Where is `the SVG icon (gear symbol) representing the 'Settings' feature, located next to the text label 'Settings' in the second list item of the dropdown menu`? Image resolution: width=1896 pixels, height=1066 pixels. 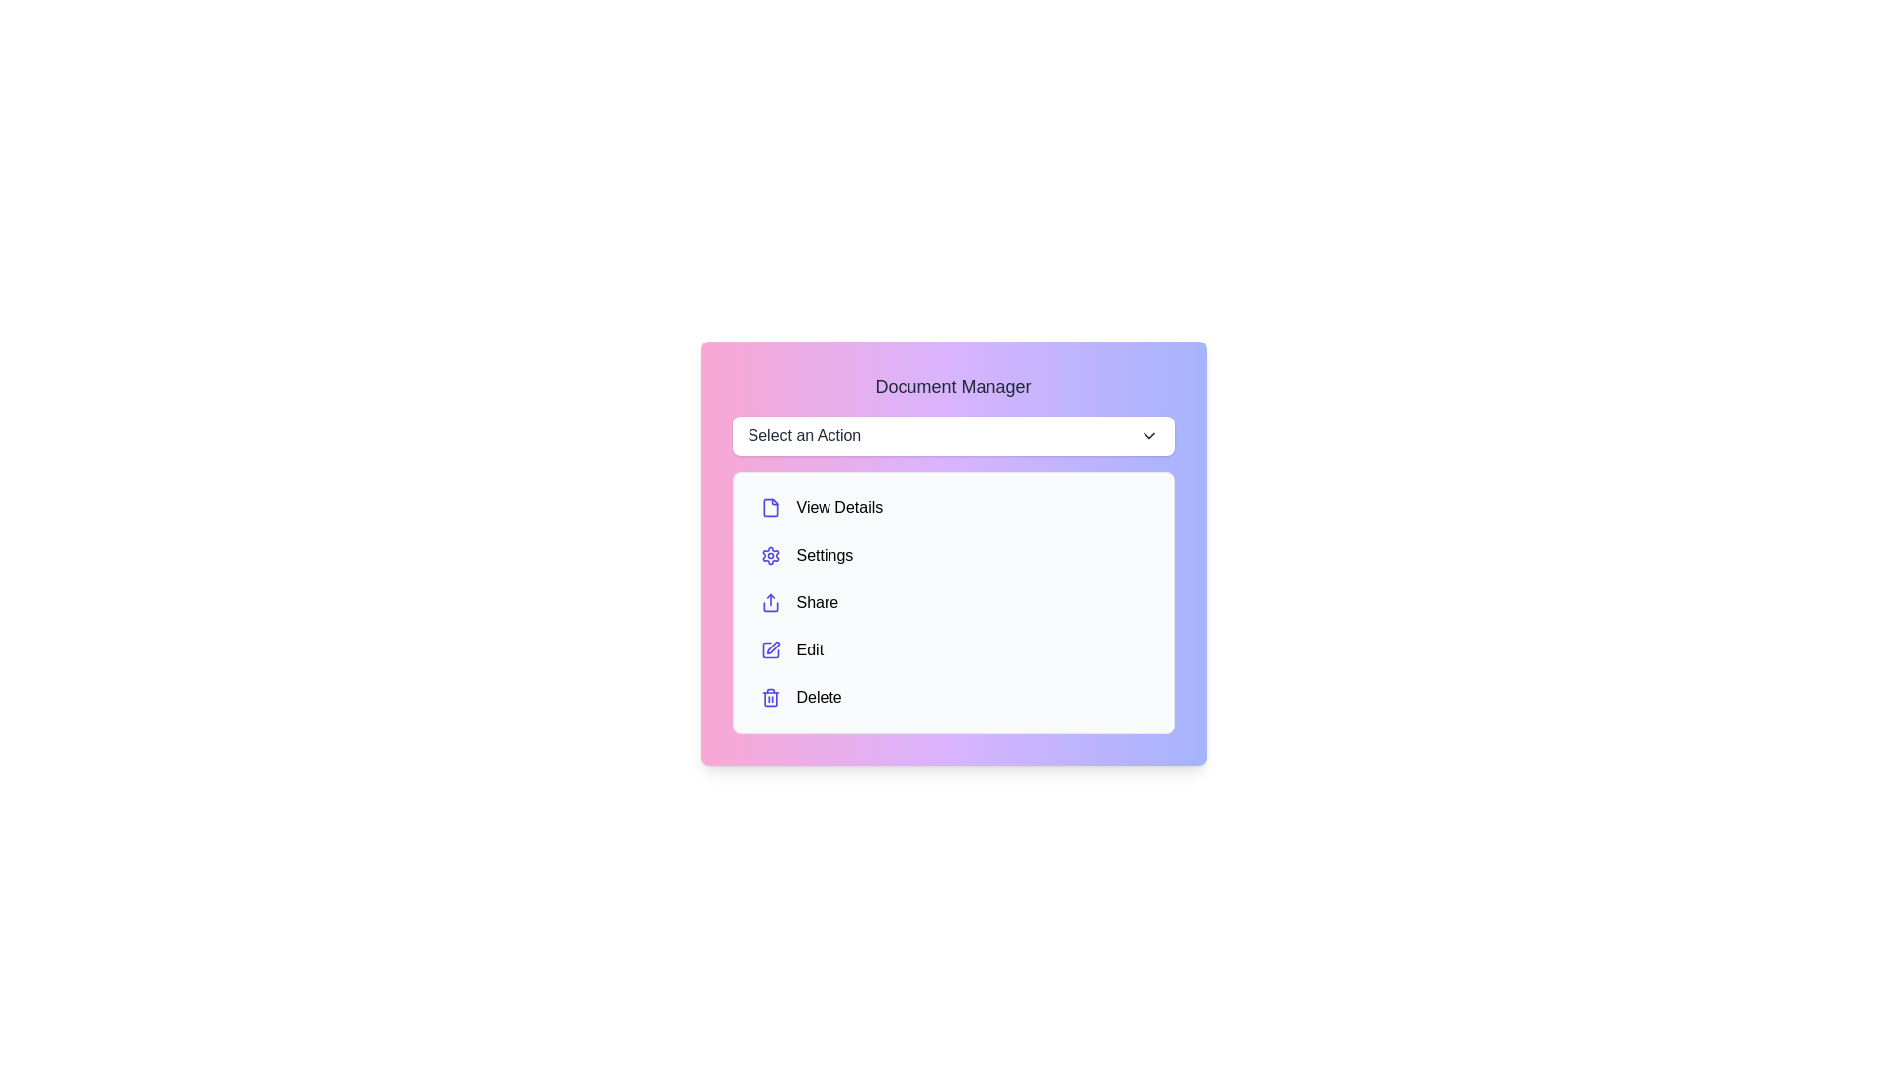
the SVG icon (gear symbol) representing the 'Settings' feature, located next to the text label 'Settings' in the second list item of the dropdown menu is located at coordinates (769, 556).